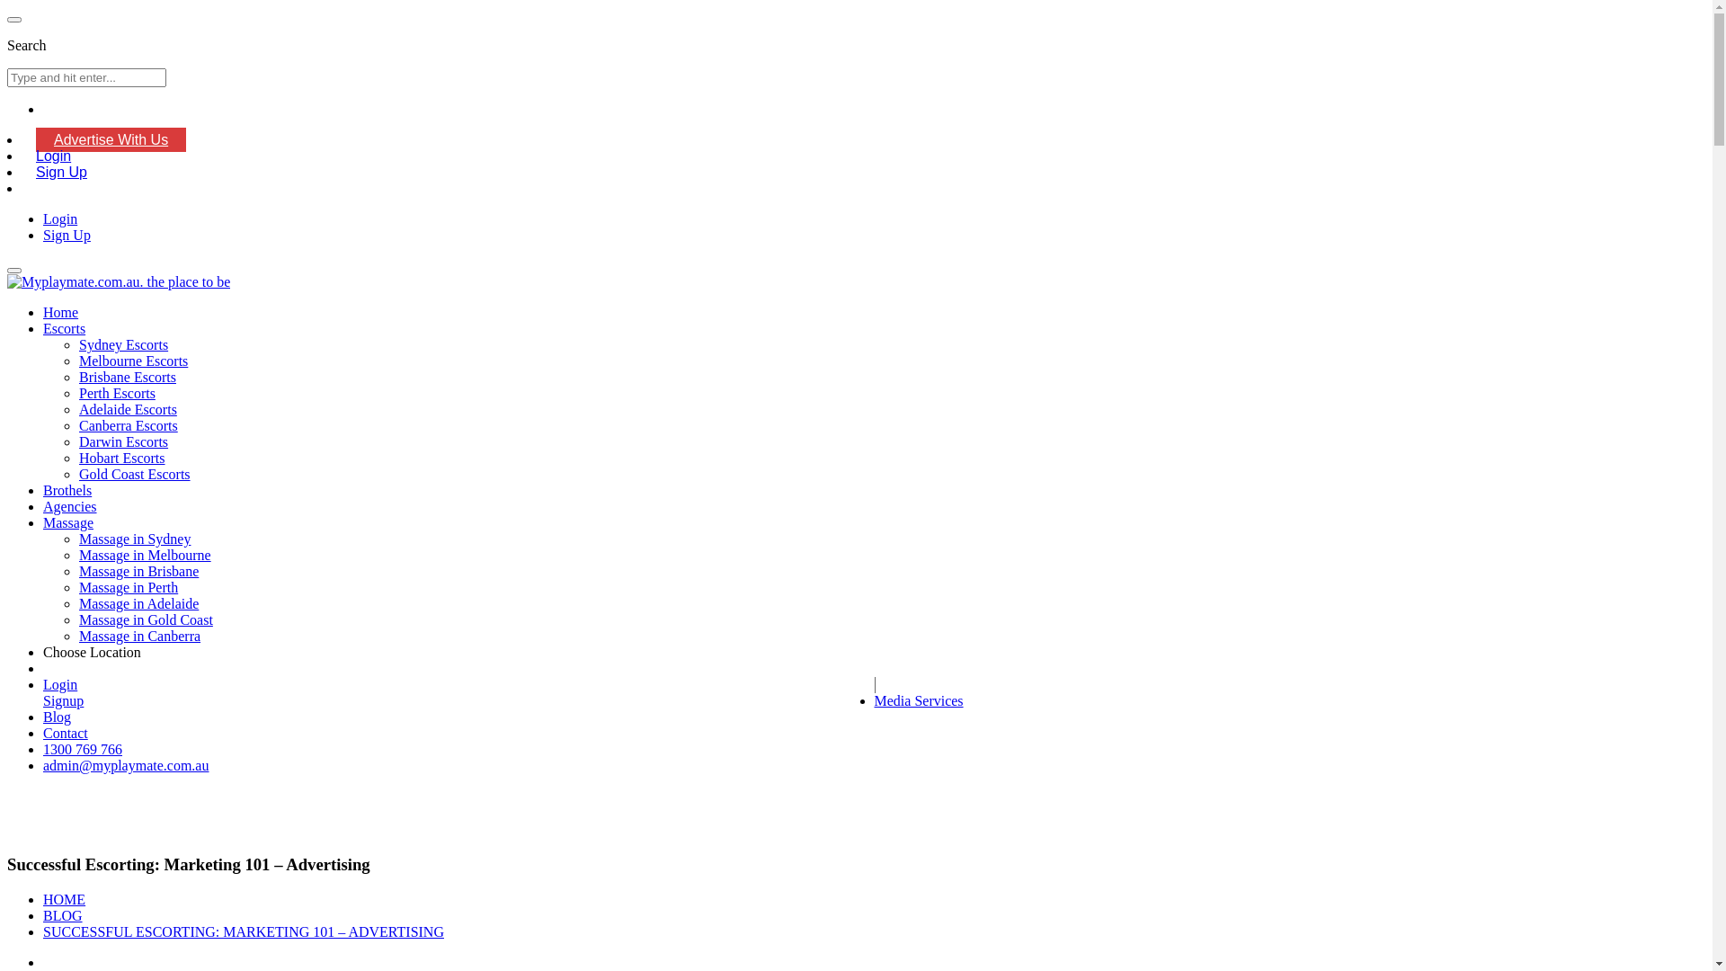 The height and width of the screenshot is (971, 1726). Describe the element at coordinates (65, 733) in the screenshot. I see `'Contact'` at that location.